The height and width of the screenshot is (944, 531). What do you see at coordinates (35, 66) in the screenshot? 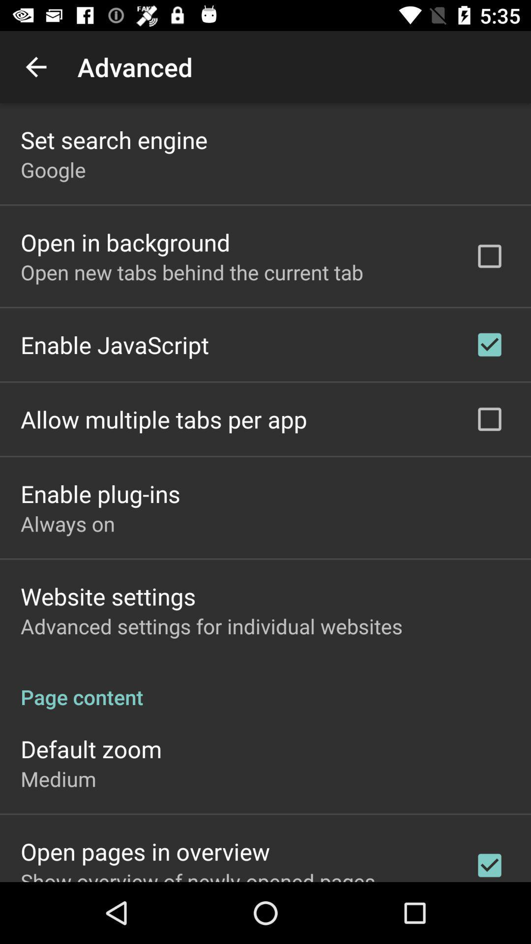
I see `the app above the set search engine item` at bounding box center [35, 66].